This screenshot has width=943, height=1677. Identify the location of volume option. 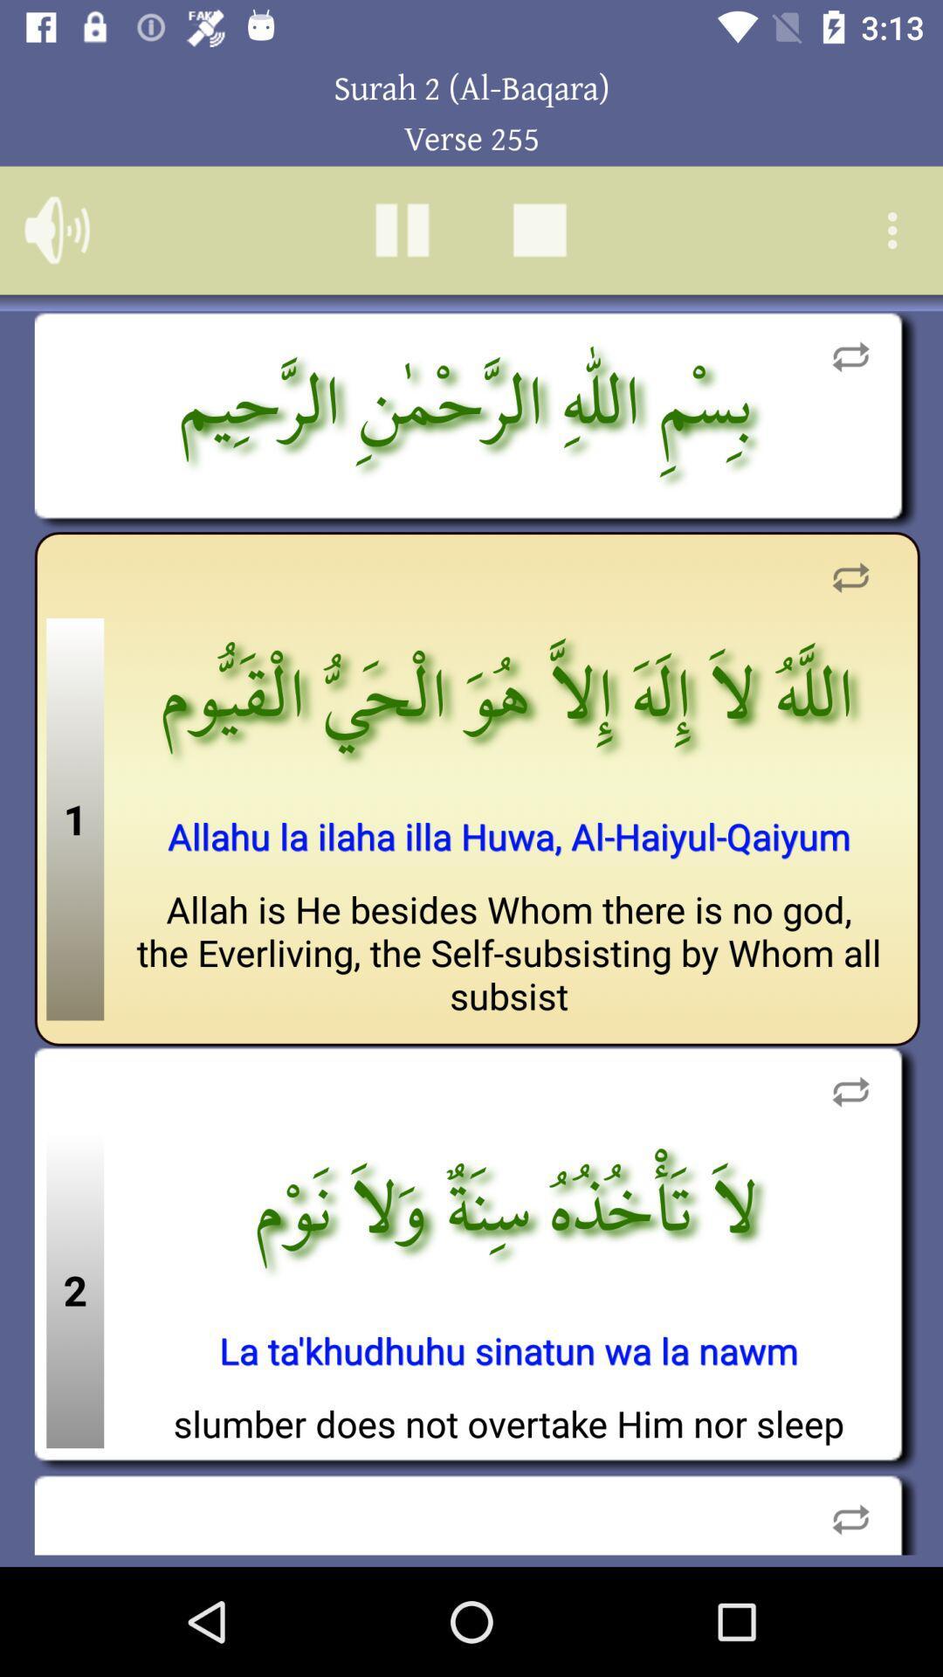
(56, 229).